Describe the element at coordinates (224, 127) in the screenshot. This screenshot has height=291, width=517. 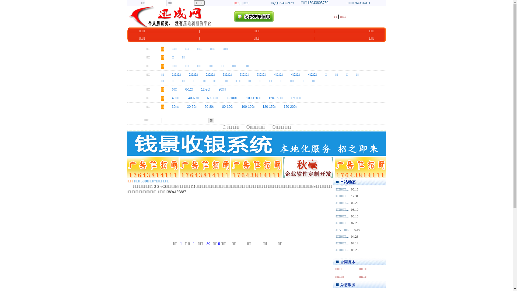
I see `'cb_f2'` at that location.